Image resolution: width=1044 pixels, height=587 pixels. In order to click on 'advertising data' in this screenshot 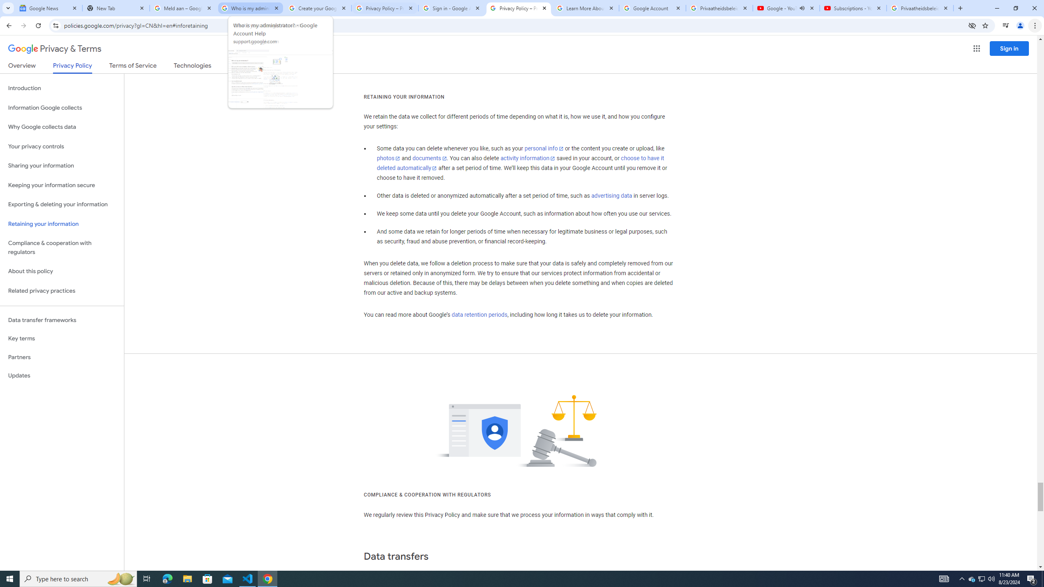, I will do `click(610, 195)`.